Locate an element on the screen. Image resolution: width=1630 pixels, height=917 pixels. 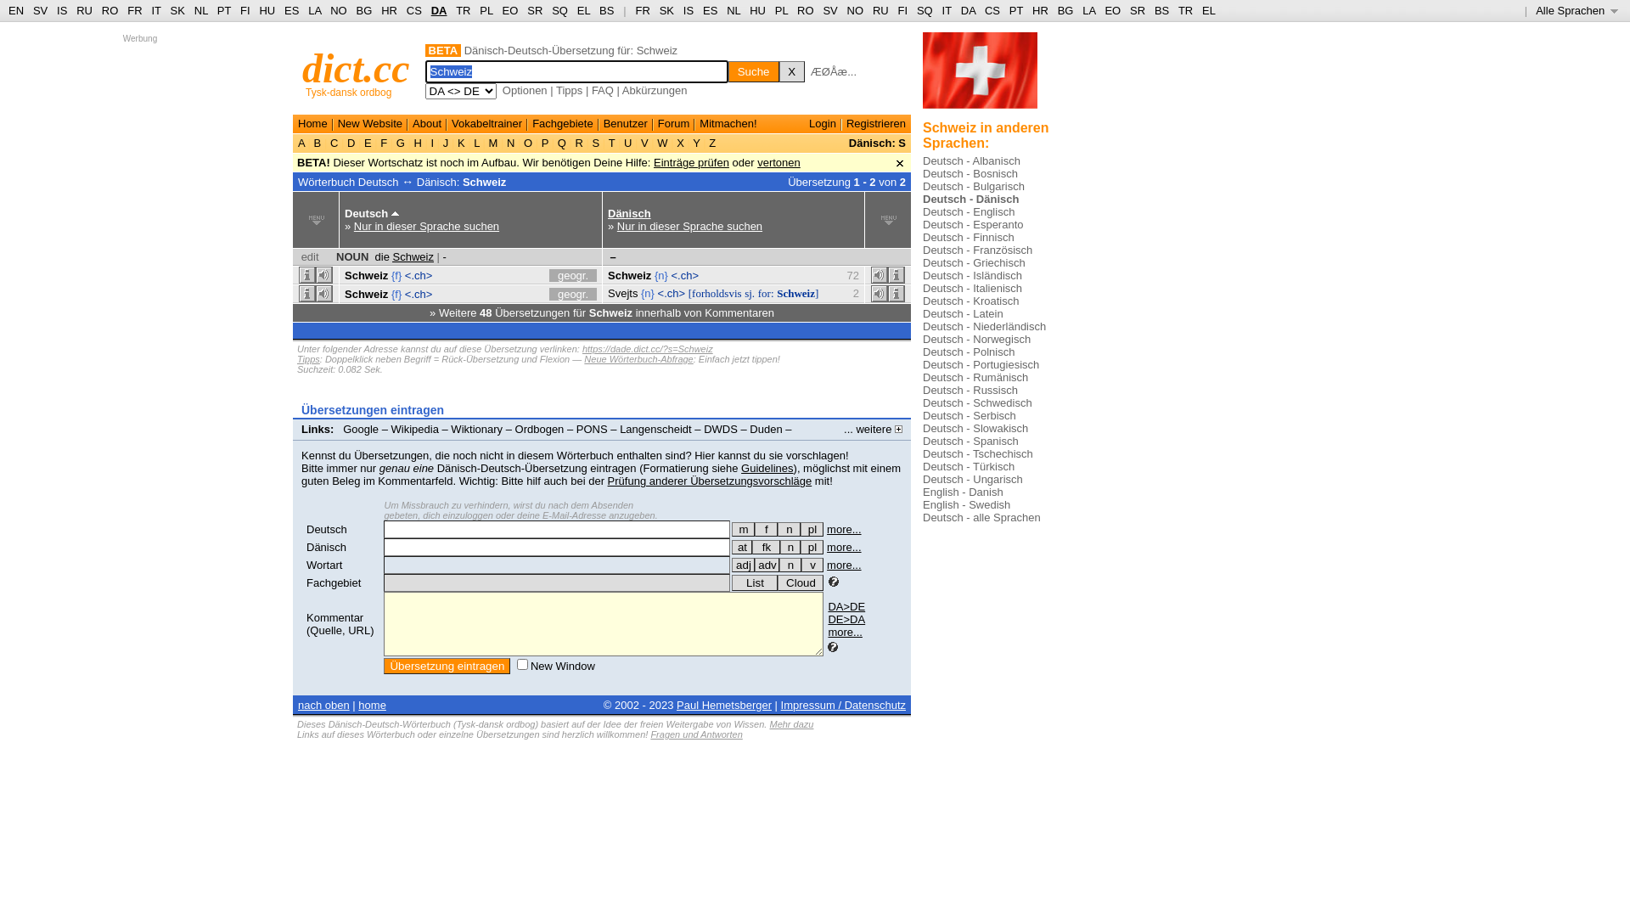
'geogr.' is located at coordinates (573, 292).